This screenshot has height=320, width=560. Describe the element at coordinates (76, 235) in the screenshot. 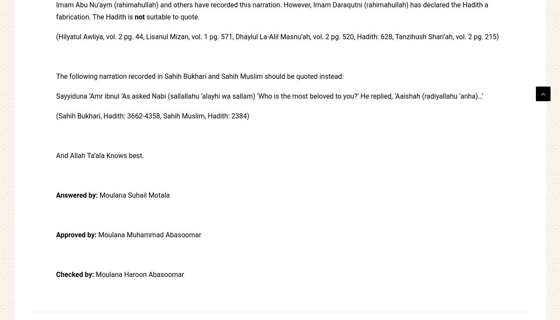

I see `'Approved by:'` at that location.